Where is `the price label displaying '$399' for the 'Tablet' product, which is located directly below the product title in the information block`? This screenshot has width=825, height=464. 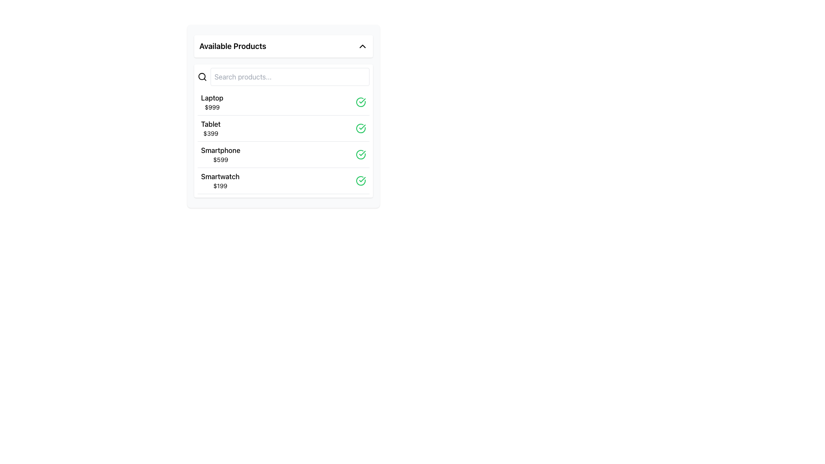
the price label displaying '$399' for the 'Tablet' product, which is located directly below the product title in the information block is located at coordinates (211, 134).